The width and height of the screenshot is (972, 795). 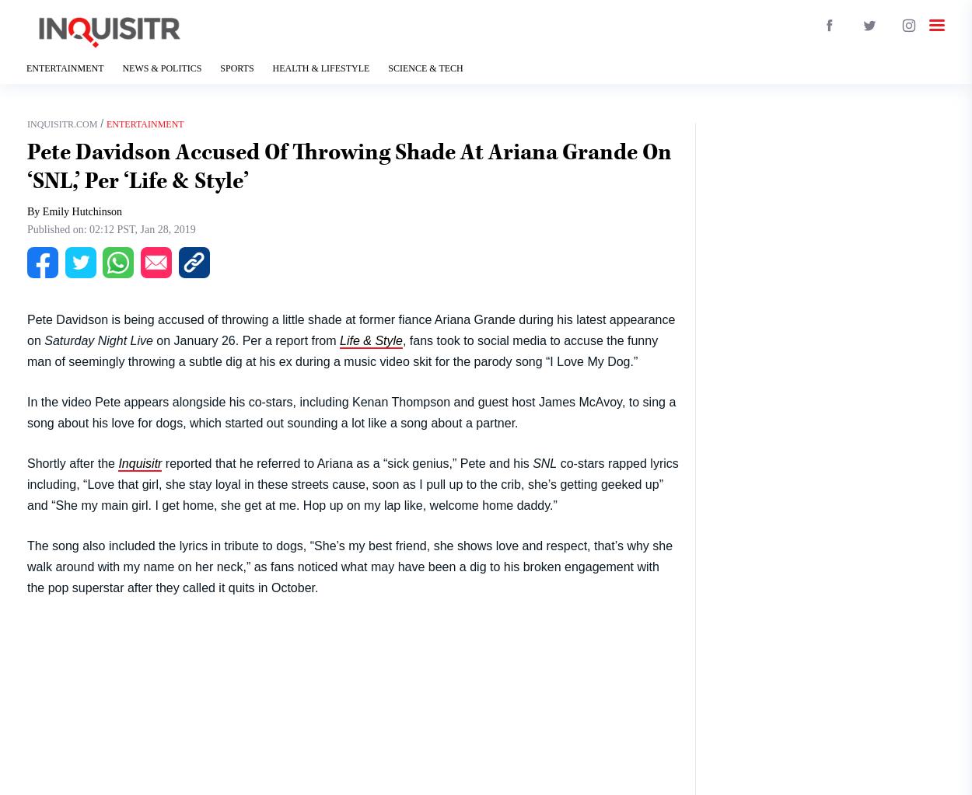 I want to click on 'In the video Pete appears alongside his co-stars, including Kenan Thompson and guest host James McAvoy, to sing a song about his love for dogs, which started out sounding a lot like a song about a partner.', so click(x=350, y=411).